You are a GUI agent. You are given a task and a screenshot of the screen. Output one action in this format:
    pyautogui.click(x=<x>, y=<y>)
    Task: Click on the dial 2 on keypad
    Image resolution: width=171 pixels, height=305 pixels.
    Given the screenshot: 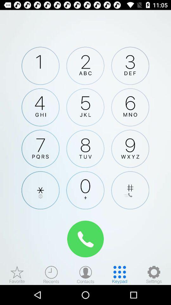 What is the action you would take?
    pyautogui.click(x=85, y=66)
    